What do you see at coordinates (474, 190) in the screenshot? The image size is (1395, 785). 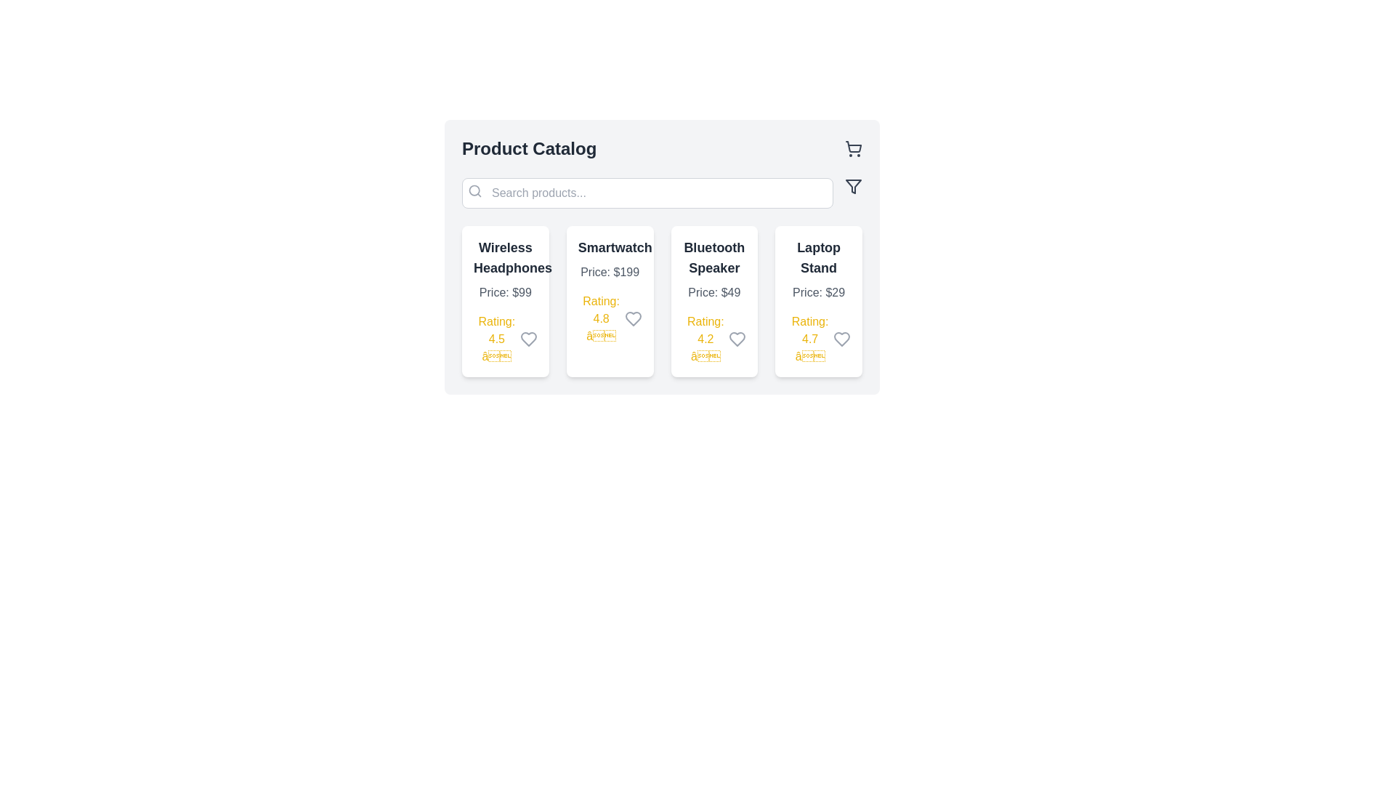 I see `the small circular decorative element within the search icon located at the left side of the input field in the top section of the interface` at bounding box center [474, 190].